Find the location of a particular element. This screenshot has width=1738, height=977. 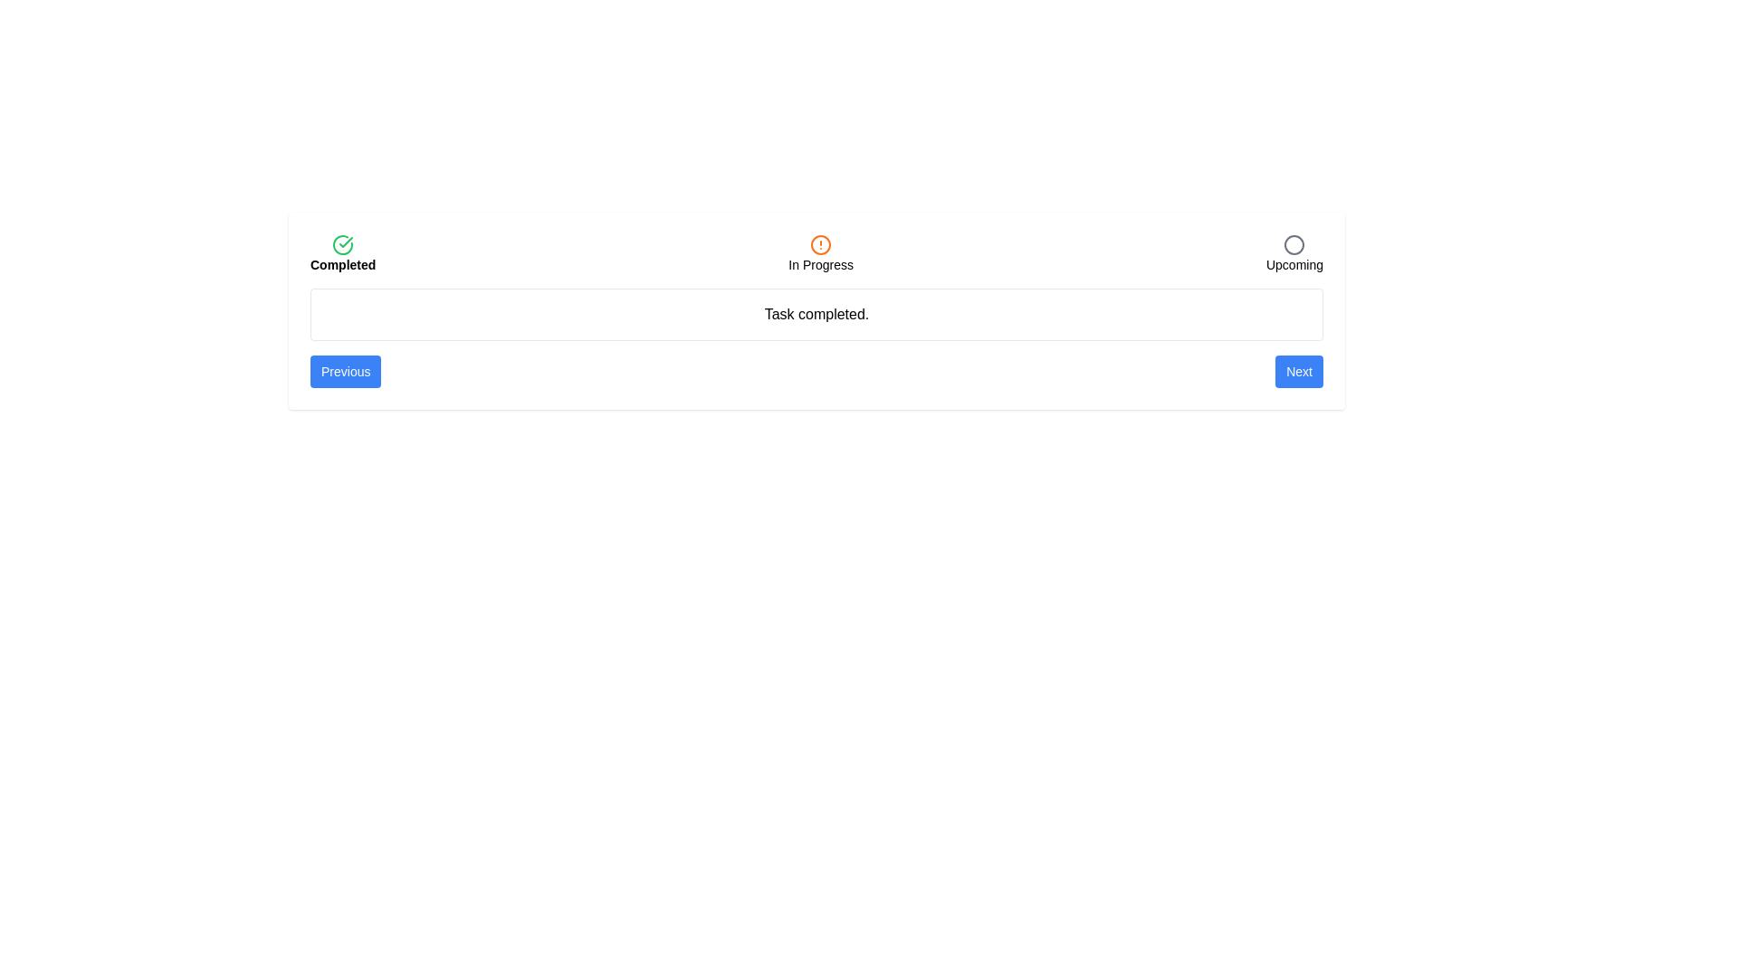

the static text label that indicates task completion, which is centrally located below the 'Completed' tab and between the 'Previous' and 'Next' buttons is located at coordinates (816, 313).